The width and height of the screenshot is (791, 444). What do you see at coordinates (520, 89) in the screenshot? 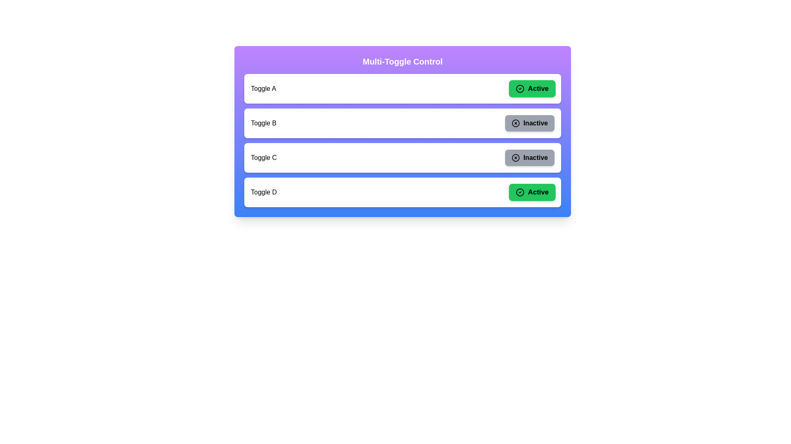
I see `the Status indicator icon representing the active state of the toggle in the 'Toggle A' row, which is the first icon within the 'Active' button` at bounding box center [520, 89].